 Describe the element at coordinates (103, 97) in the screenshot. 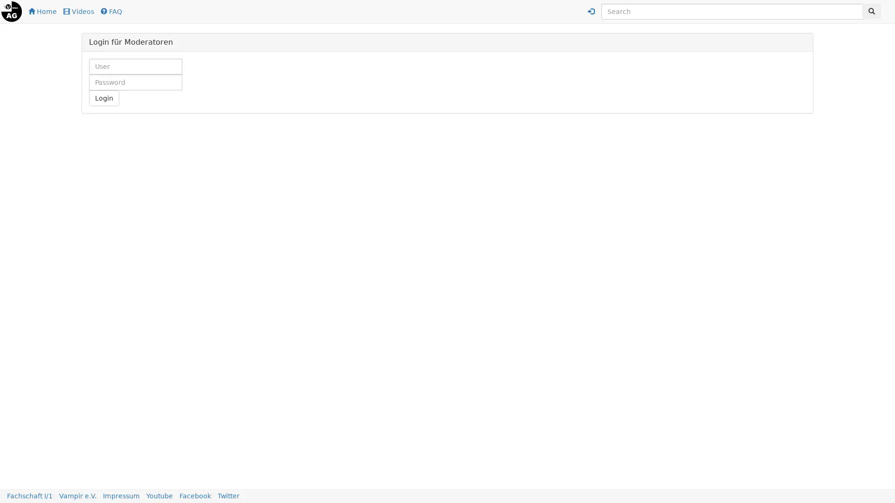

I see `Login` at that location.